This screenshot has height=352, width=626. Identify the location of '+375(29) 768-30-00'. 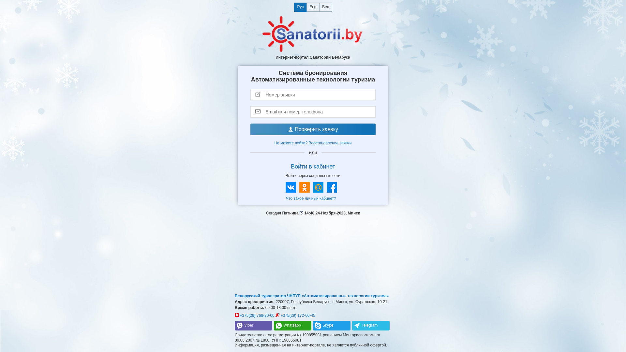
(235, 315).